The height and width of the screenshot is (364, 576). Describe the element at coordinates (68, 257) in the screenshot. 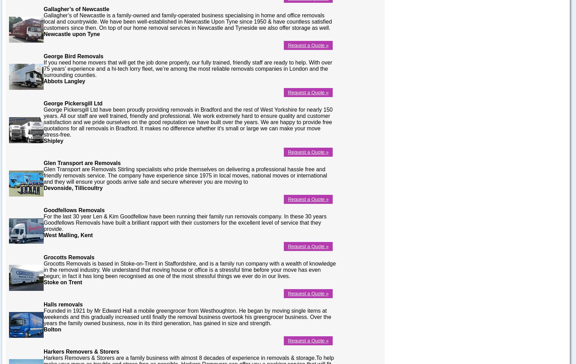

I see `'Grocotts Removals'` at that location.